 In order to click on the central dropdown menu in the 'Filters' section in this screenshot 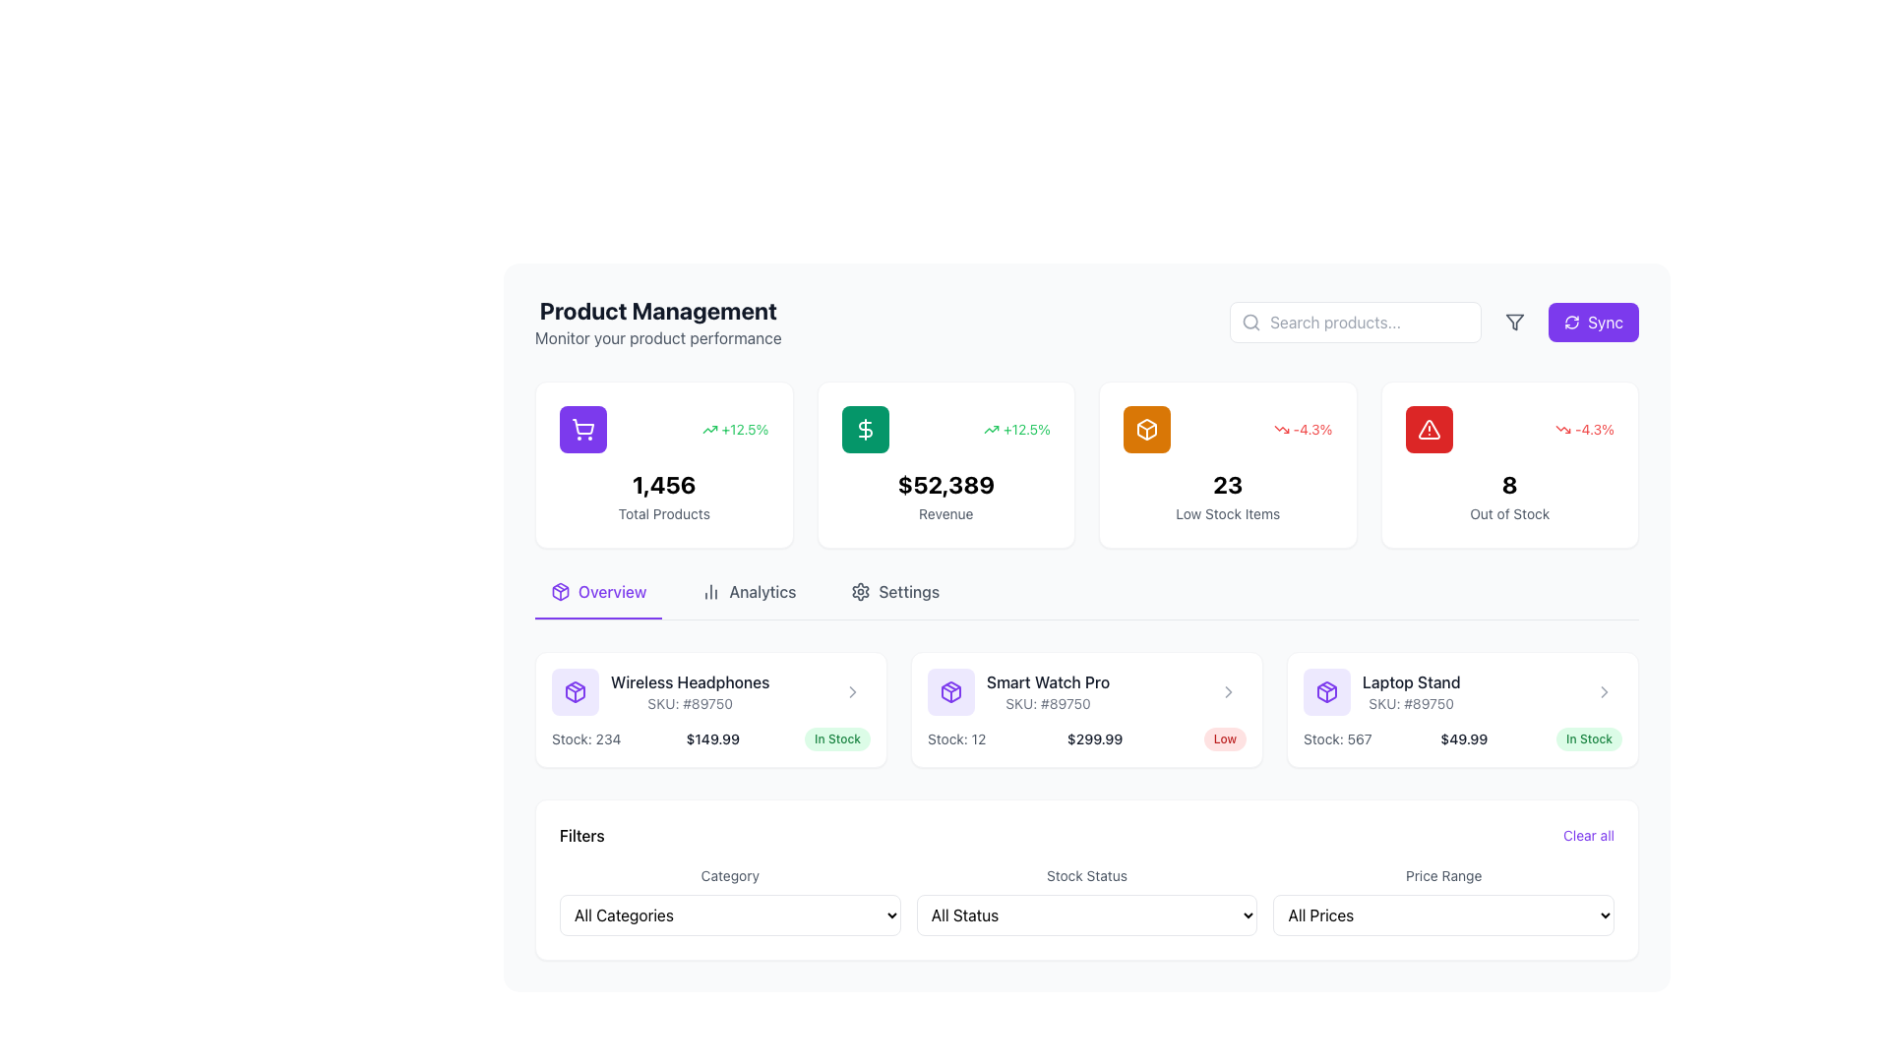, I will do `click(1085, 899)`.